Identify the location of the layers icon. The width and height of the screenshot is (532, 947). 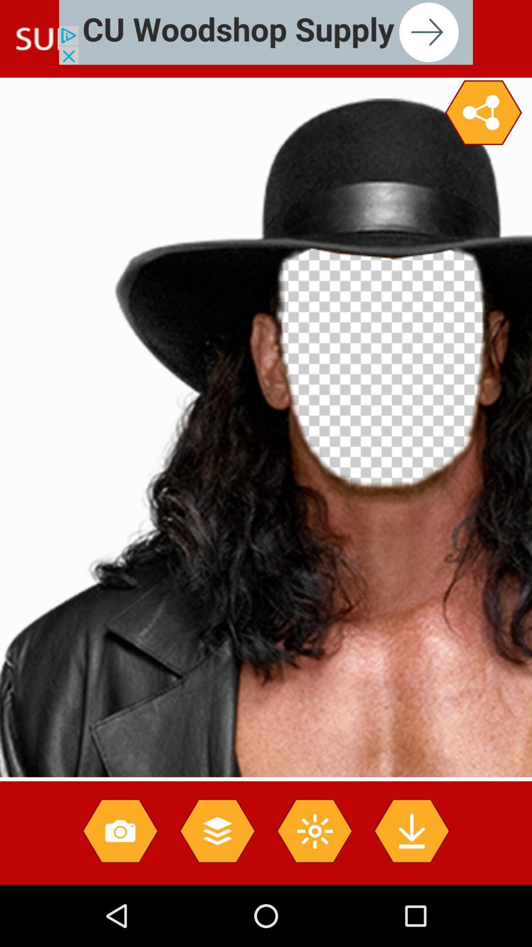
(217, 830).